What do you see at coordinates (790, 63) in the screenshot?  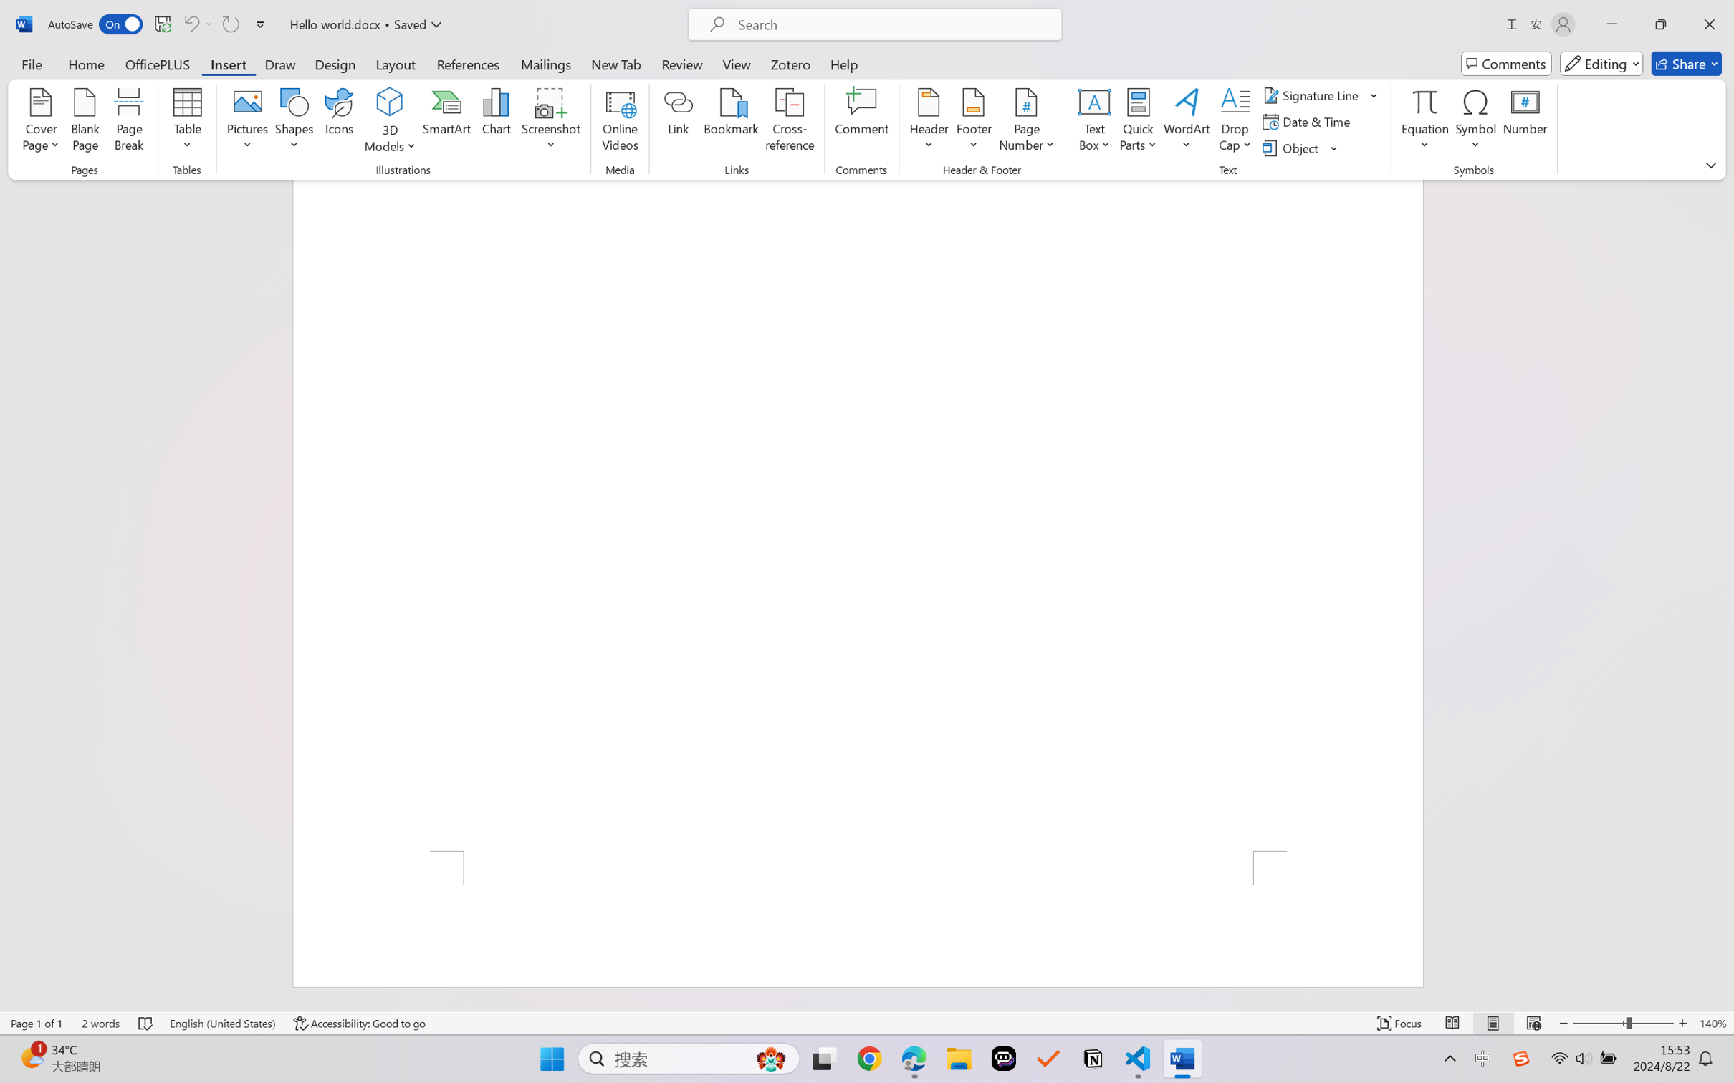 I see `'Zotero'` at bounding box center [790, 63].